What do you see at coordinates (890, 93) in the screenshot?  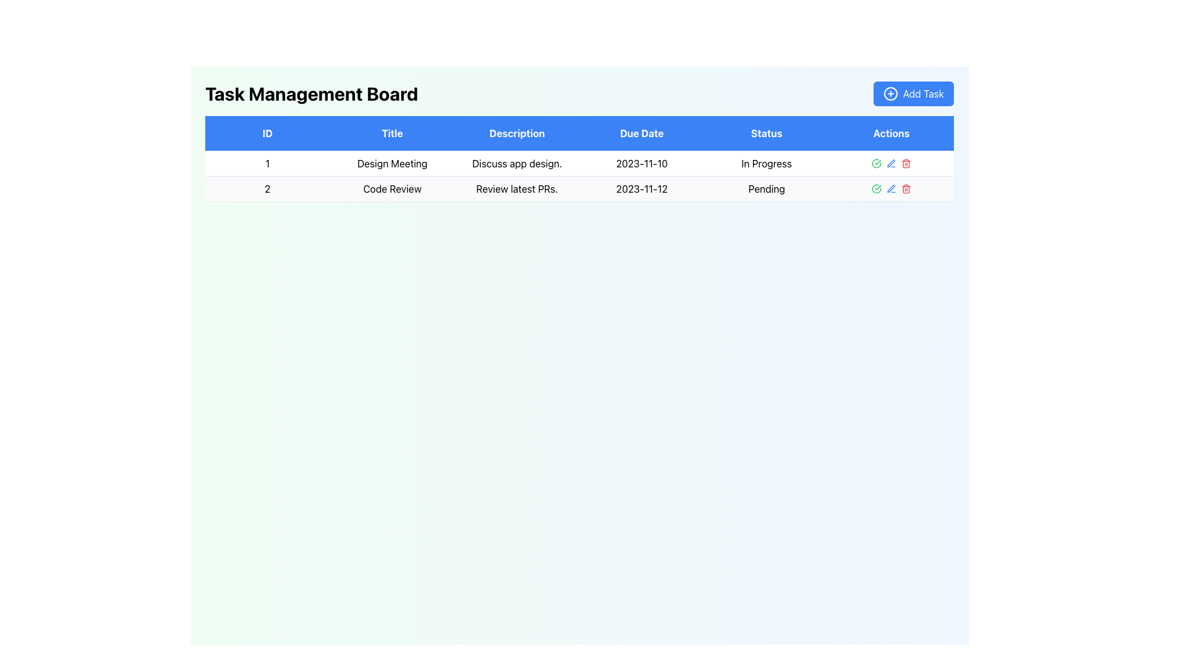 I see `the decorative icon with a plus sign, which is located to the left of the 'Add Task' button text, positioned at the top-right corner of the interface` at bounding box center [890, 93].